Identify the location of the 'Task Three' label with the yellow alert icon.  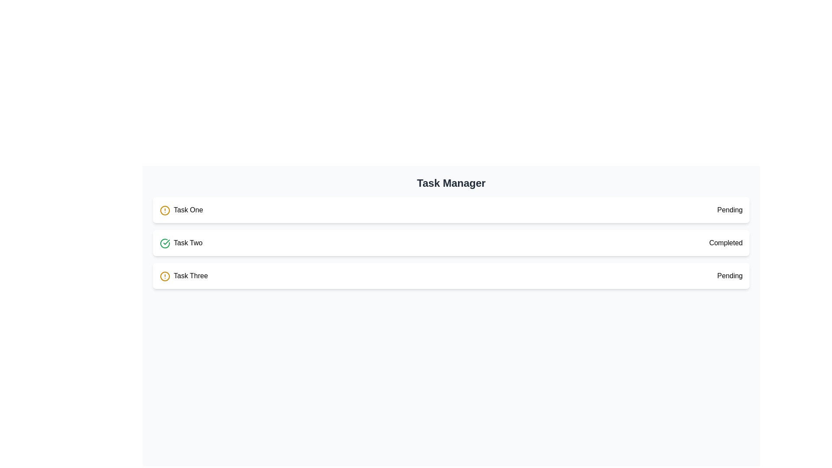
(183, 276).